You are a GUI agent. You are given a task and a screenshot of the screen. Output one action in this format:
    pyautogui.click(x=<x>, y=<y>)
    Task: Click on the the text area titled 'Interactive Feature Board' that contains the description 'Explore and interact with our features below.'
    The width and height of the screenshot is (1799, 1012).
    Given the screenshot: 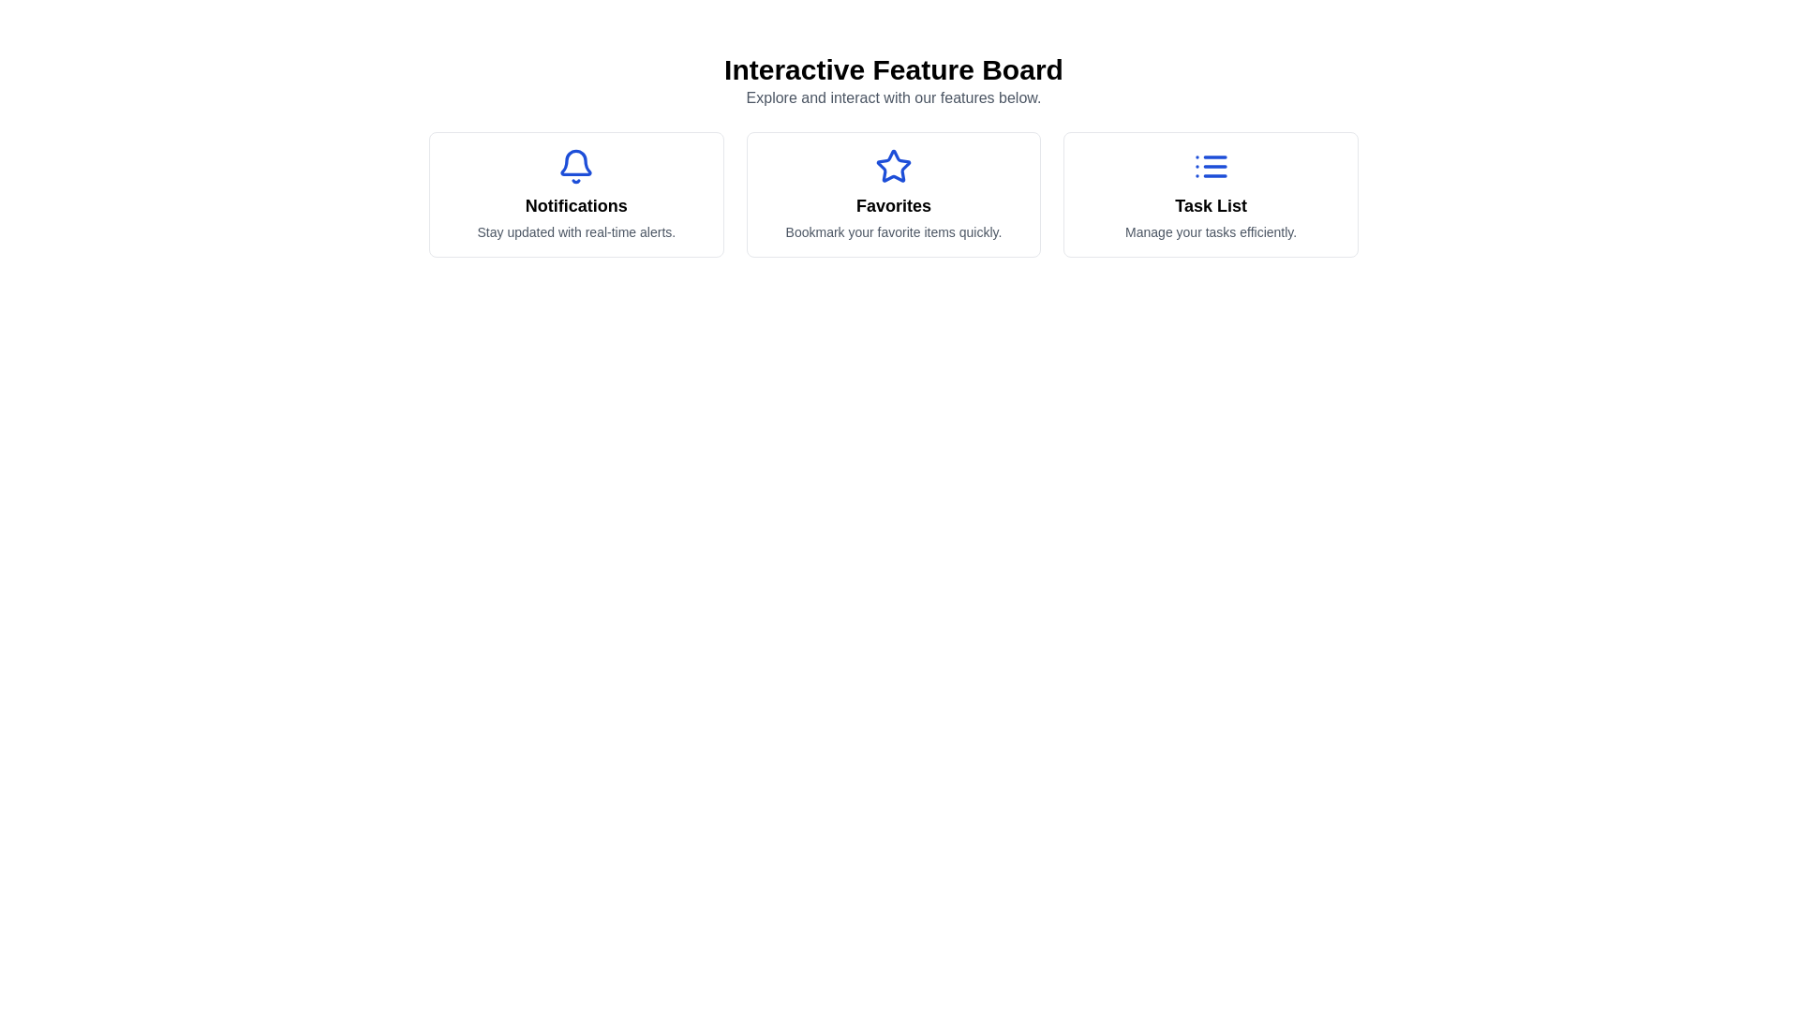 What is the action you would take?
    pyautogui.click(x=893, y=81)
    